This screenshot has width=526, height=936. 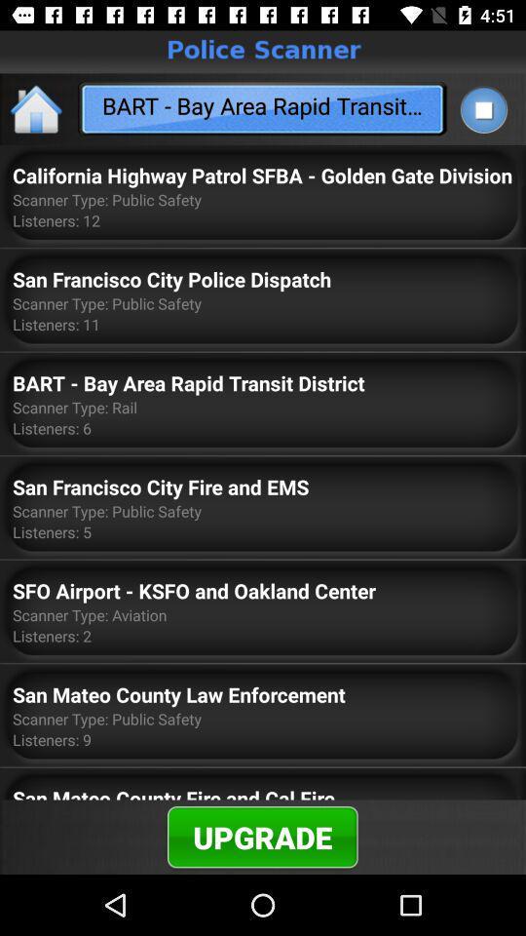 What do you see at coordinates (262, 175) in the screenshot?
I see `the item above the scanner type public app` at bounding box center [262, 175].